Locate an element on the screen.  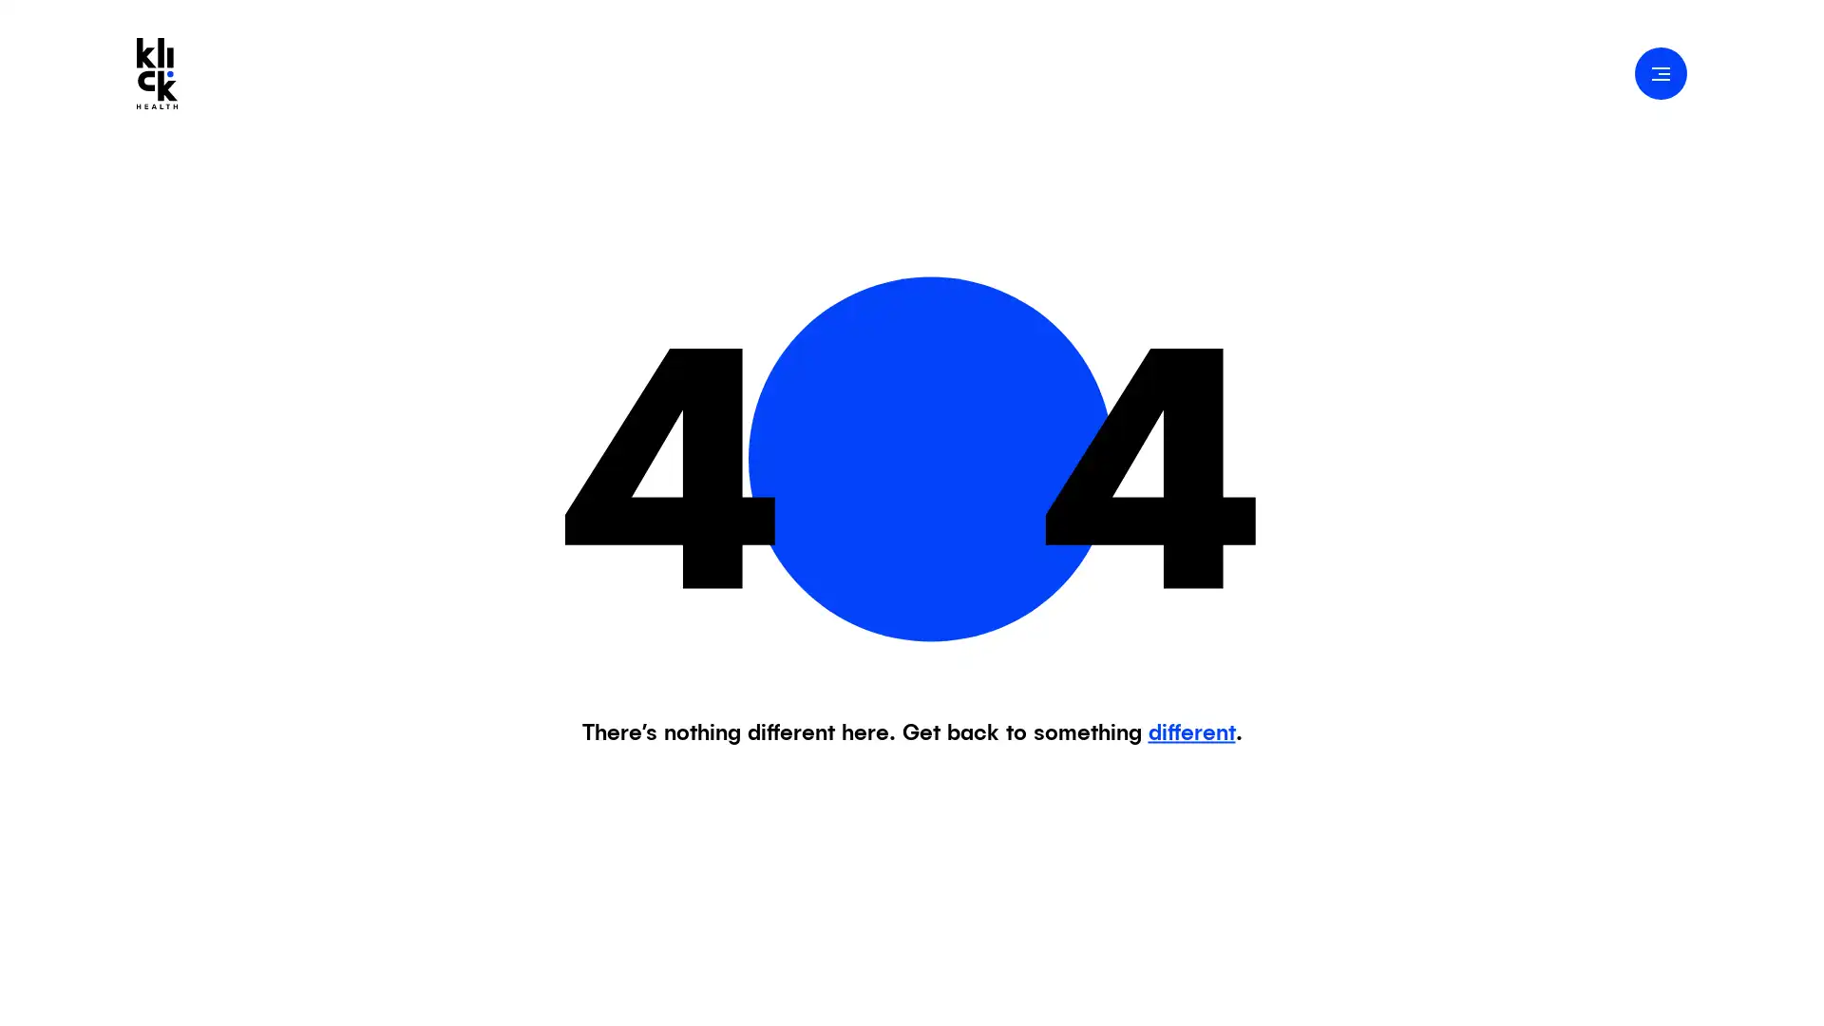
Open Navigation is located at coordinates (1660, 72).